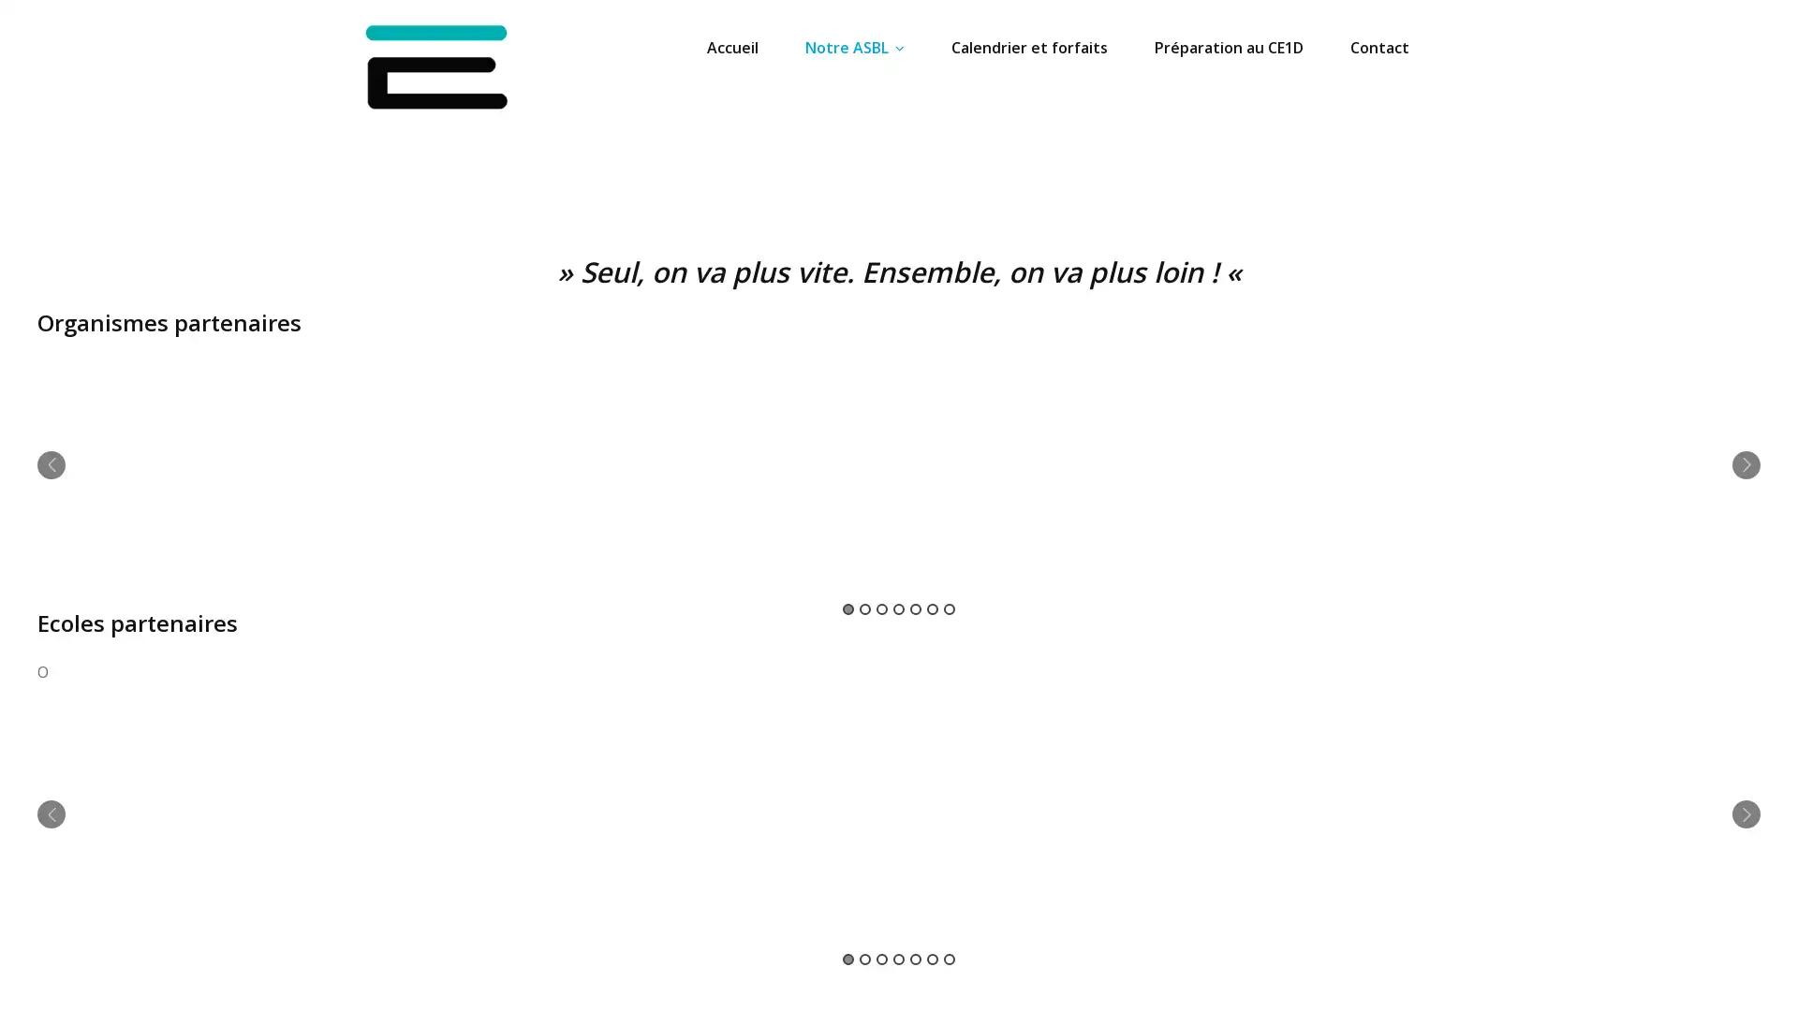 The height and width of the screenshot is (1011, 1798). Describe the element at coordinates (1746, 813) in the screenshot. I see `Next` at that location.